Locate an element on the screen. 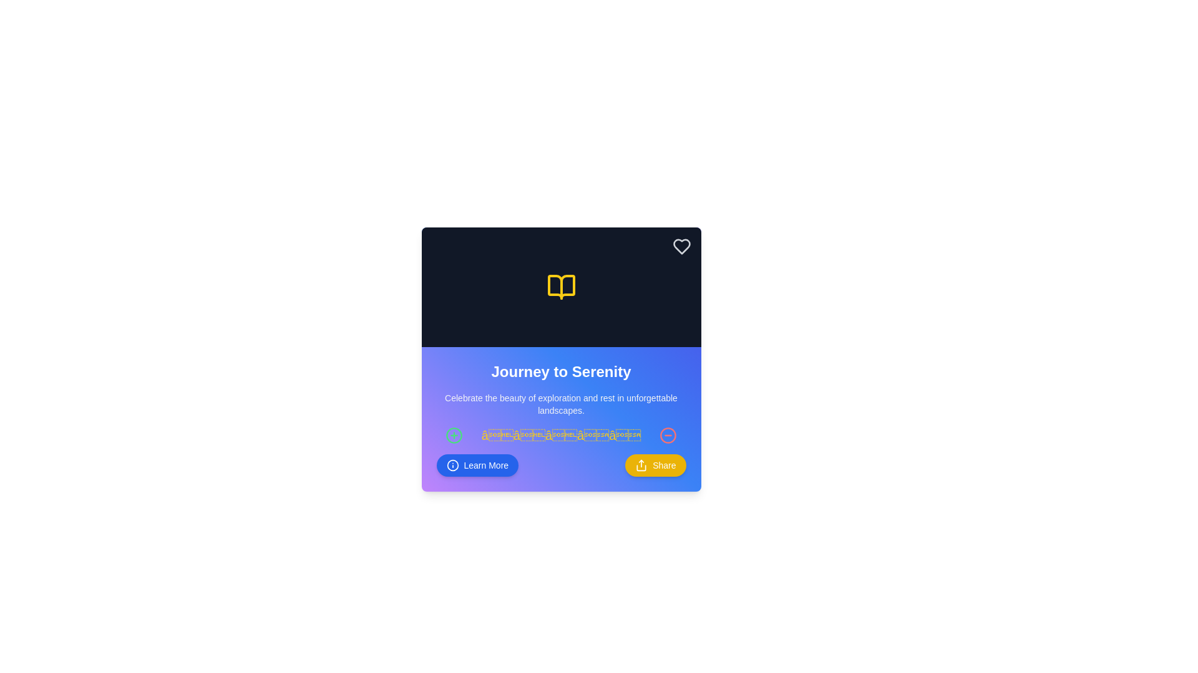 This screenshot has width=1198, height=673. the circular red icon component with a horizontal line across its diameter, located in the lower-right corner of the card interface is located at coordinates (667, 434).